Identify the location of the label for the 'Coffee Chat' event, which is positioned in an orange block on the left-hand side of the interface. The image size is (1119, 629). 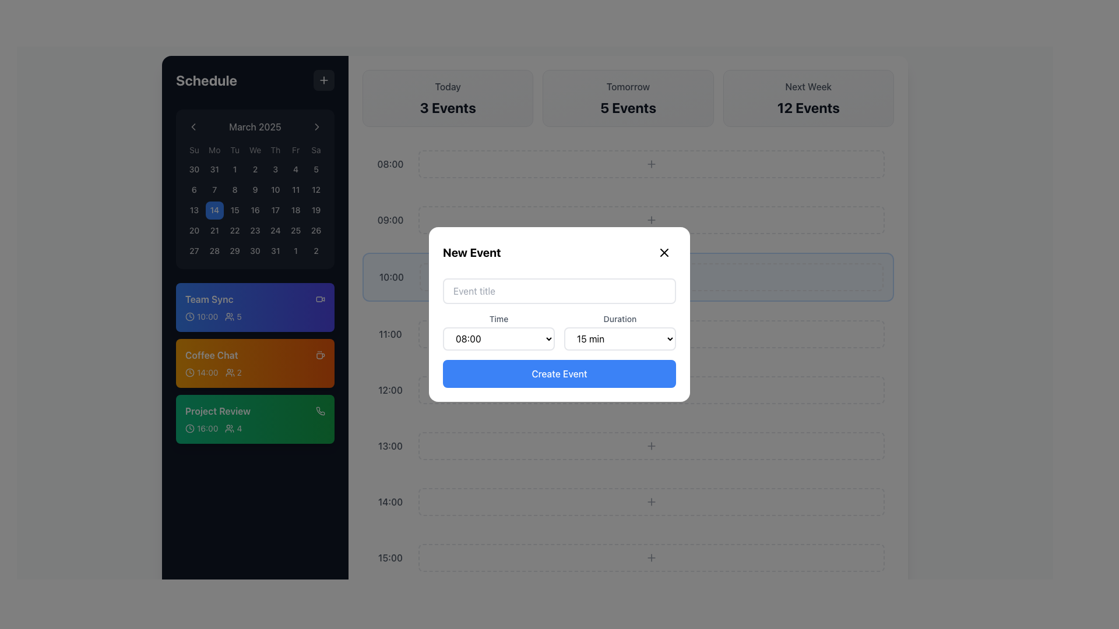
(212, 355).